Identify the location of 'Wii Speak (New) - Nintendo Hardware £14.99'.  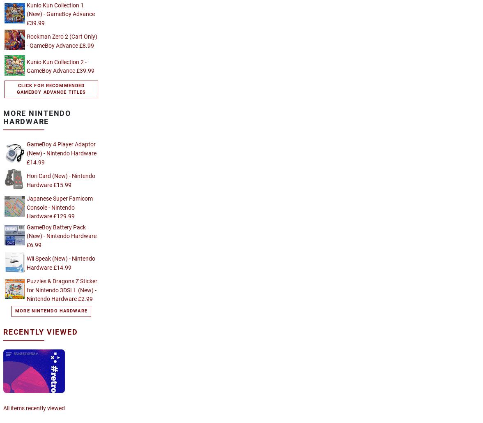
(61, 263).